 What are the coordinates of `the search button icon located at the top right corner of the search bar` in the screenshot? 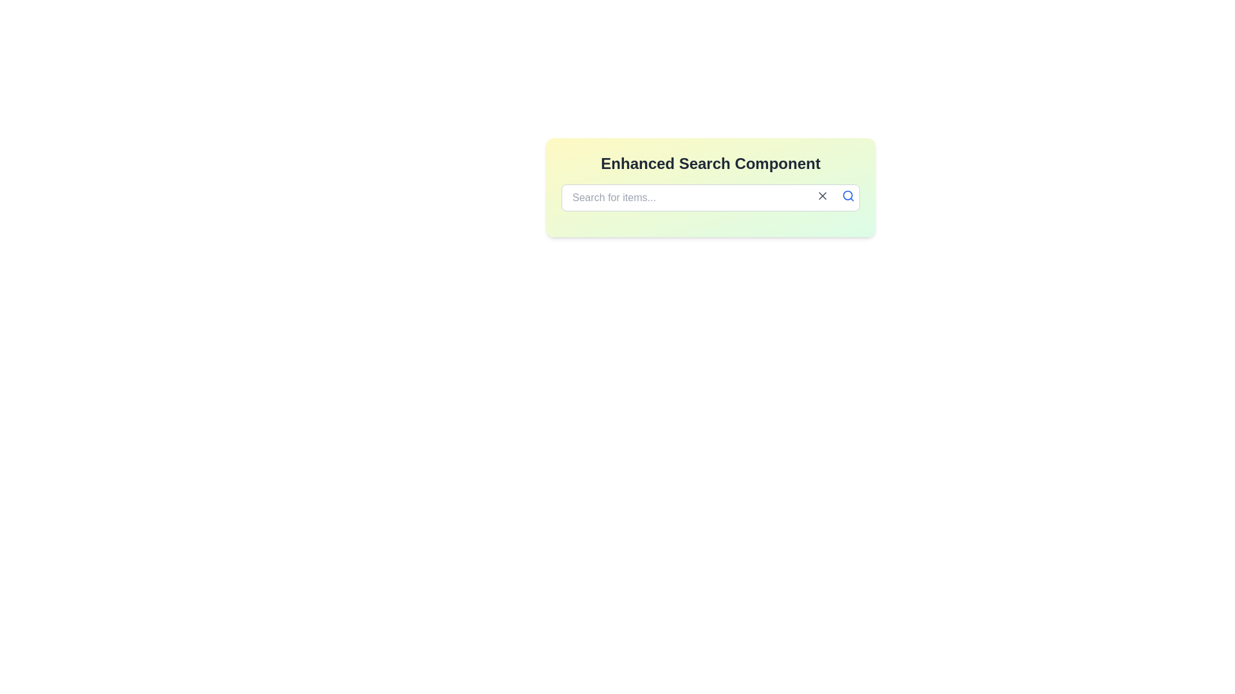 It's located at (848, 195).